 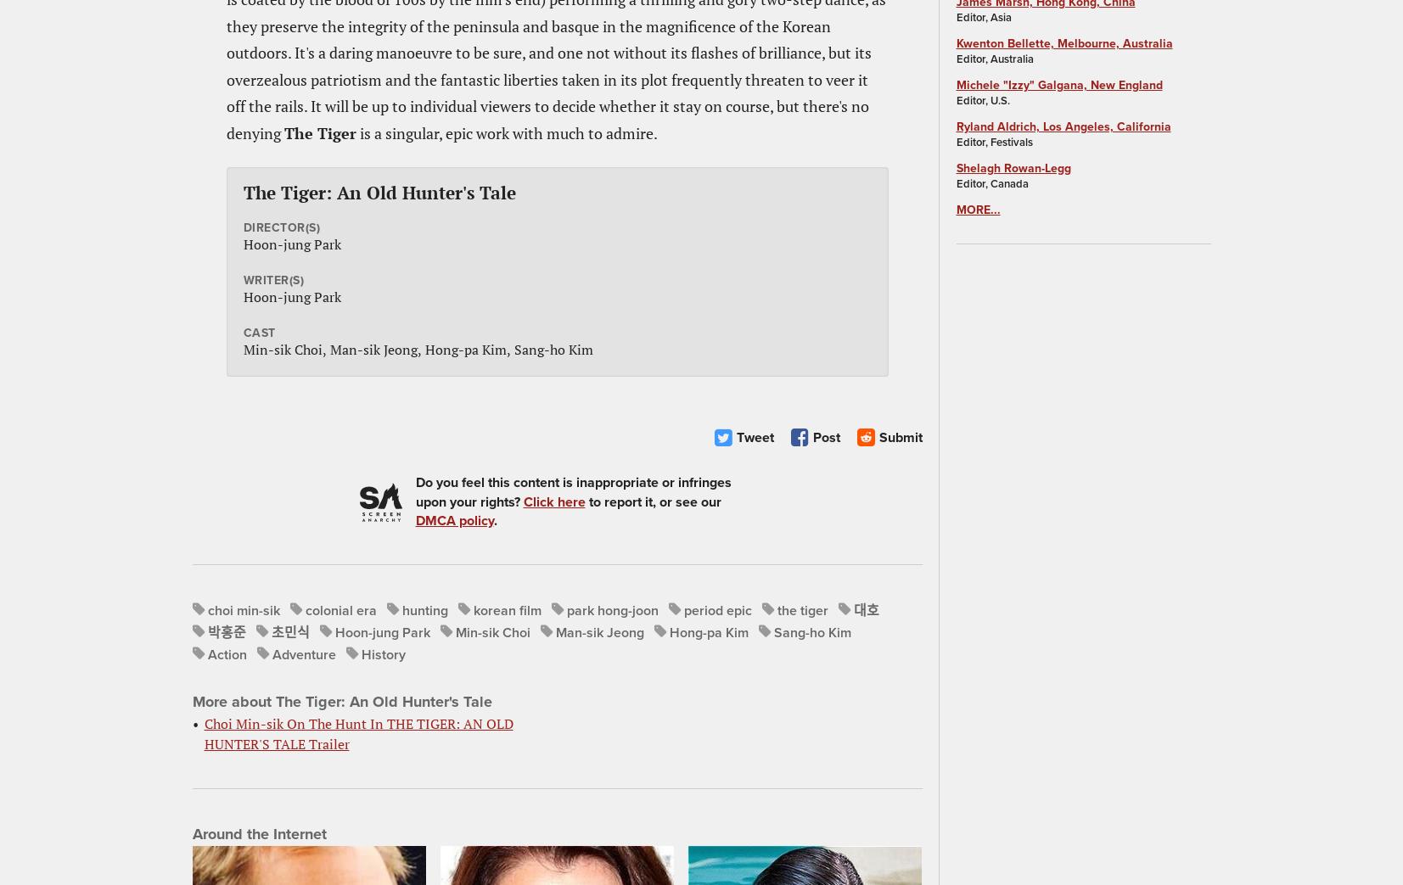 I want to click on 'Michele "Izzy" Galgana, New England', so click(x=956, y=84).